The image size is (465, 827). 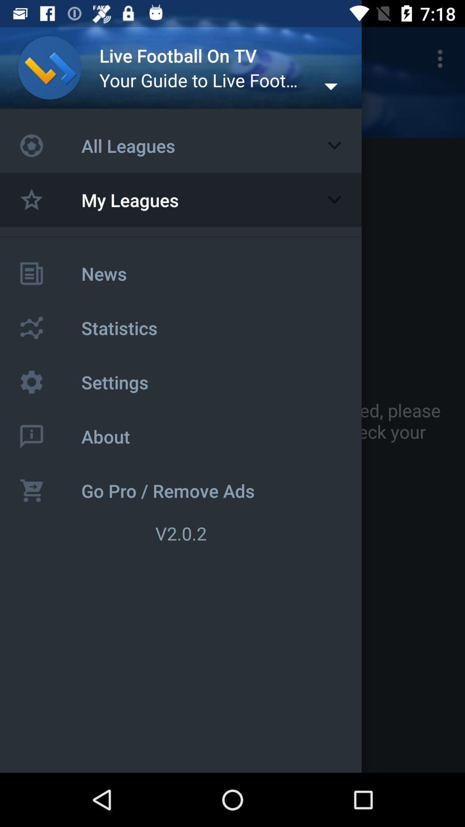 What do you see at coordinates (31, 58) in the screenshot?
I see `the icon next to the live football on` at bounding box center [31, 58].